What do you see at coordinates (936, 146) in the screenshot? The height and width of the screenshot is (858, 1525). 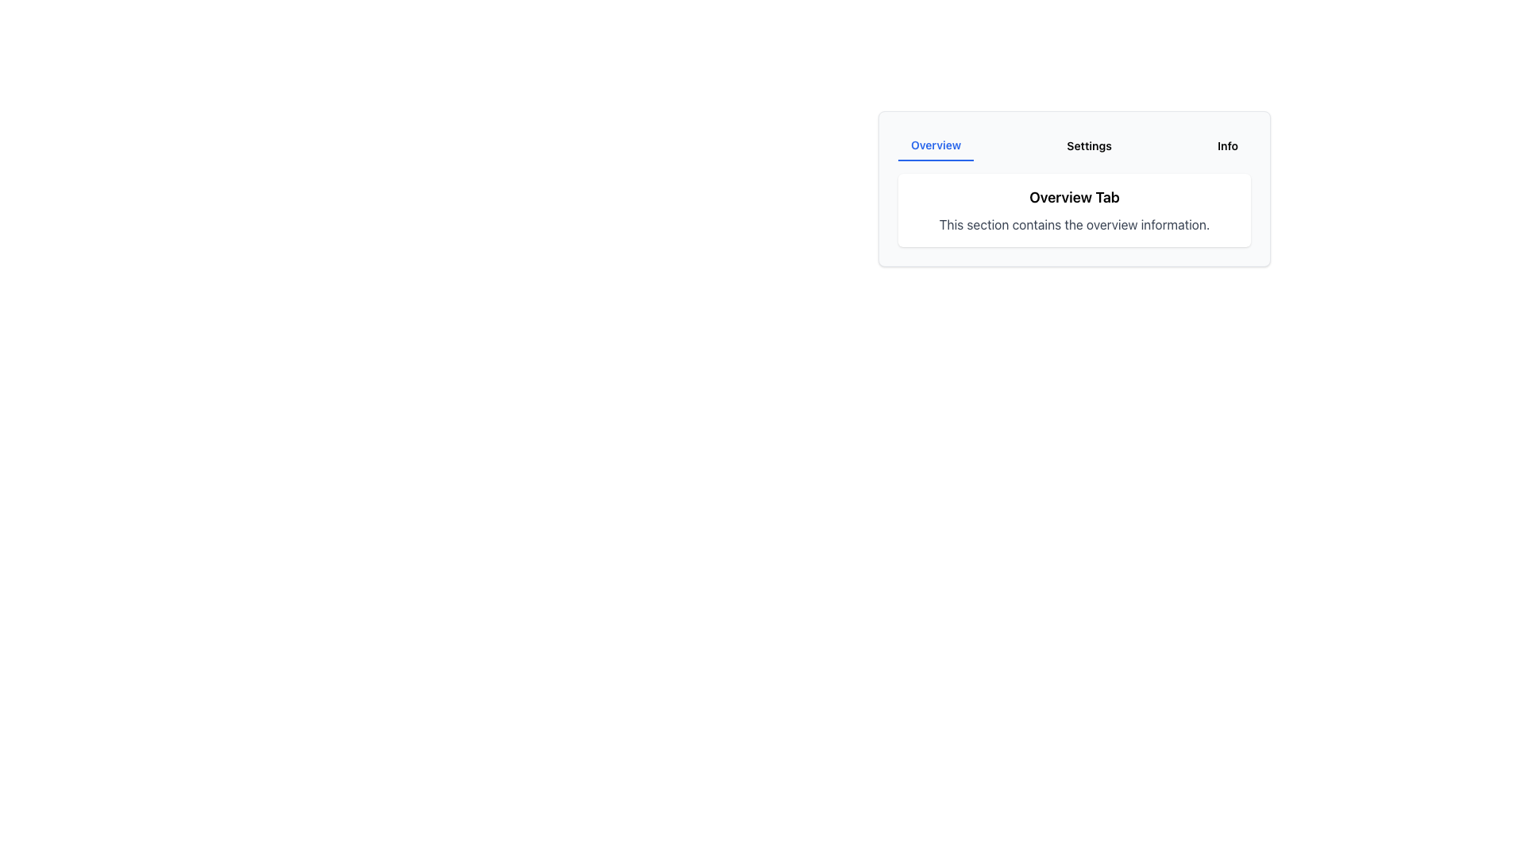 I see `the 'Overview' navigation tab element, located at the top-left of the navigation bar, to enable keyboard accessibility` at bounding box center [936, 146].